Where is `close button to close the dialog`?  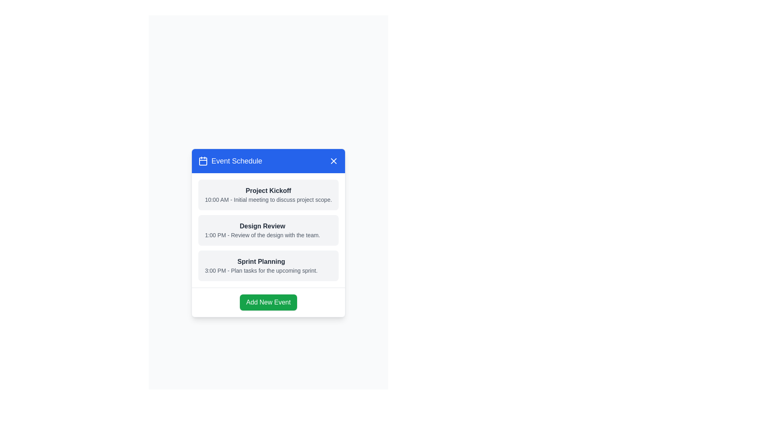 close button to close the dialog is located at coordinates (333, 161).